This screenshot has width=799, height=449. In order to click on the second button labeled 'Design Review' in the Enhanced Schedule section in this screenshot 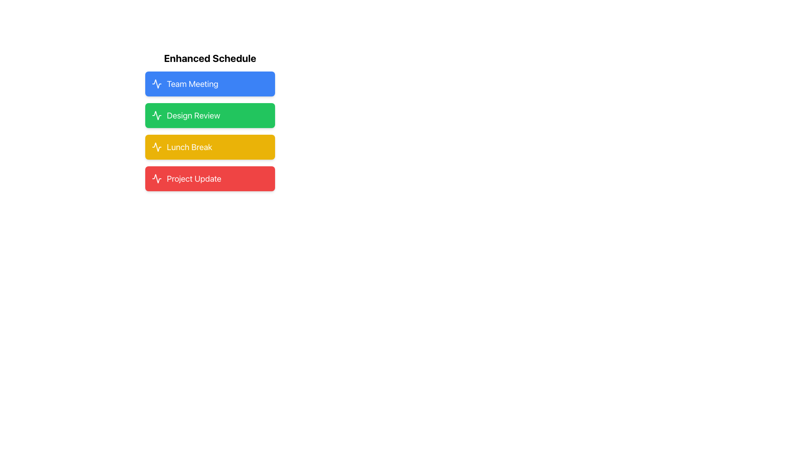, I will do `click(210, 131)`.